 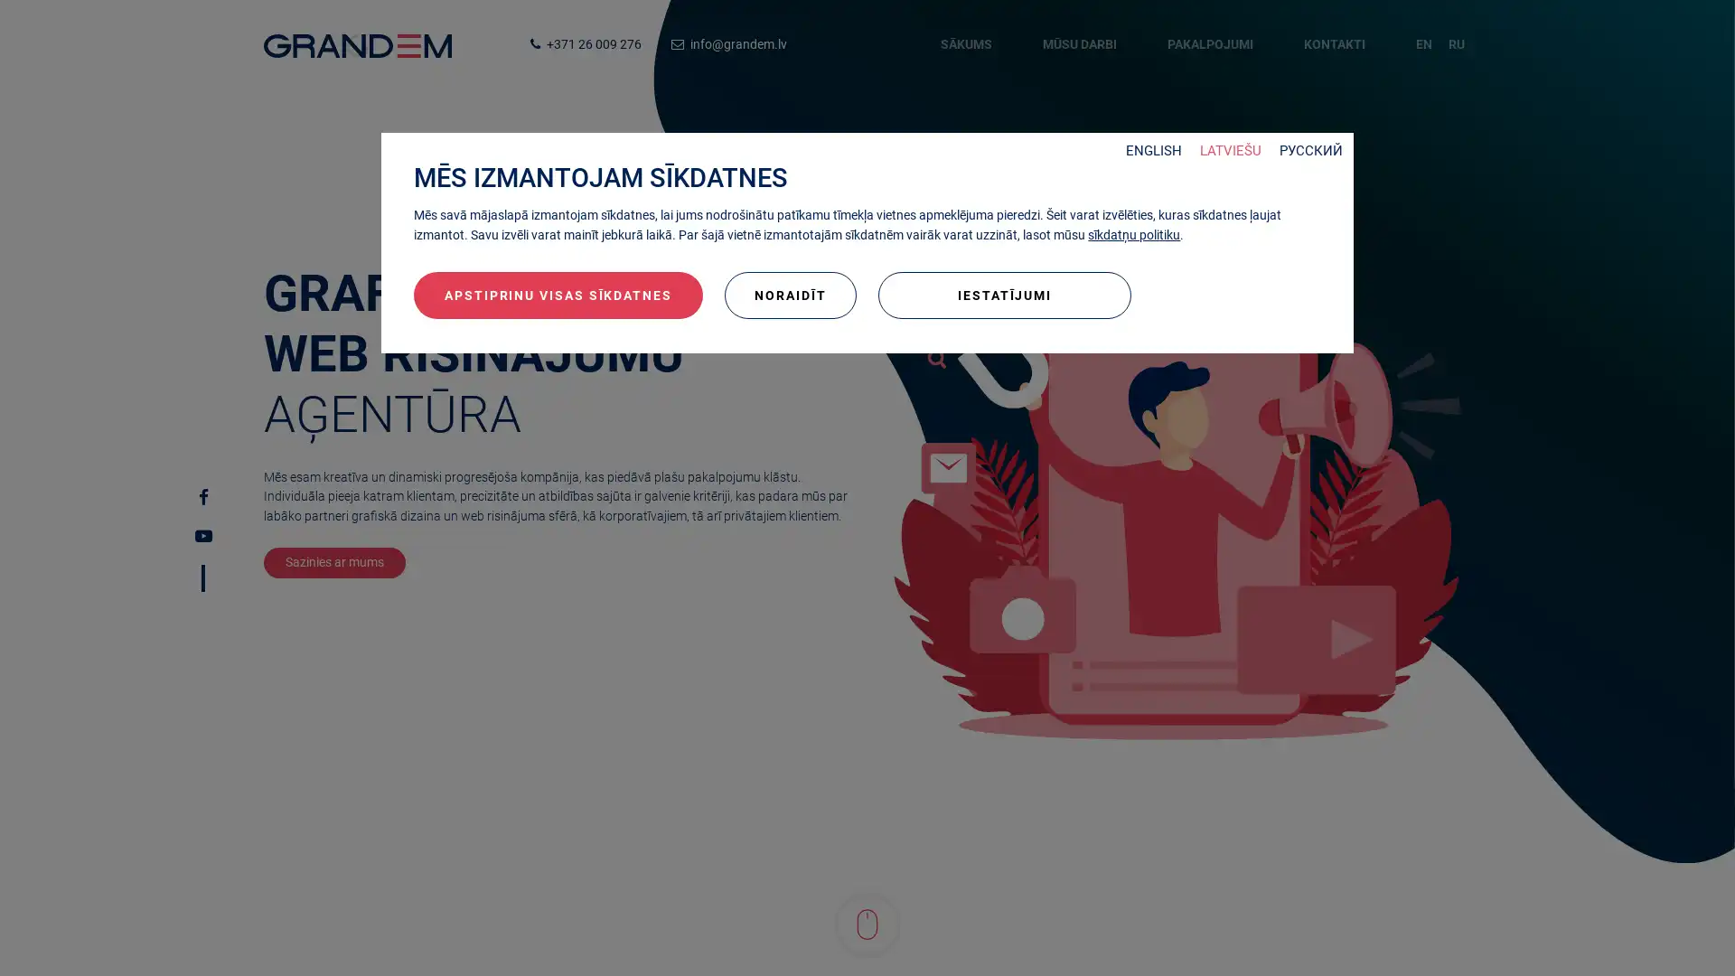 What do you see at coordinates (1004, 295) in the screenshot?
I see `IESTATIJUMI` at bounding box center [1004, 295].